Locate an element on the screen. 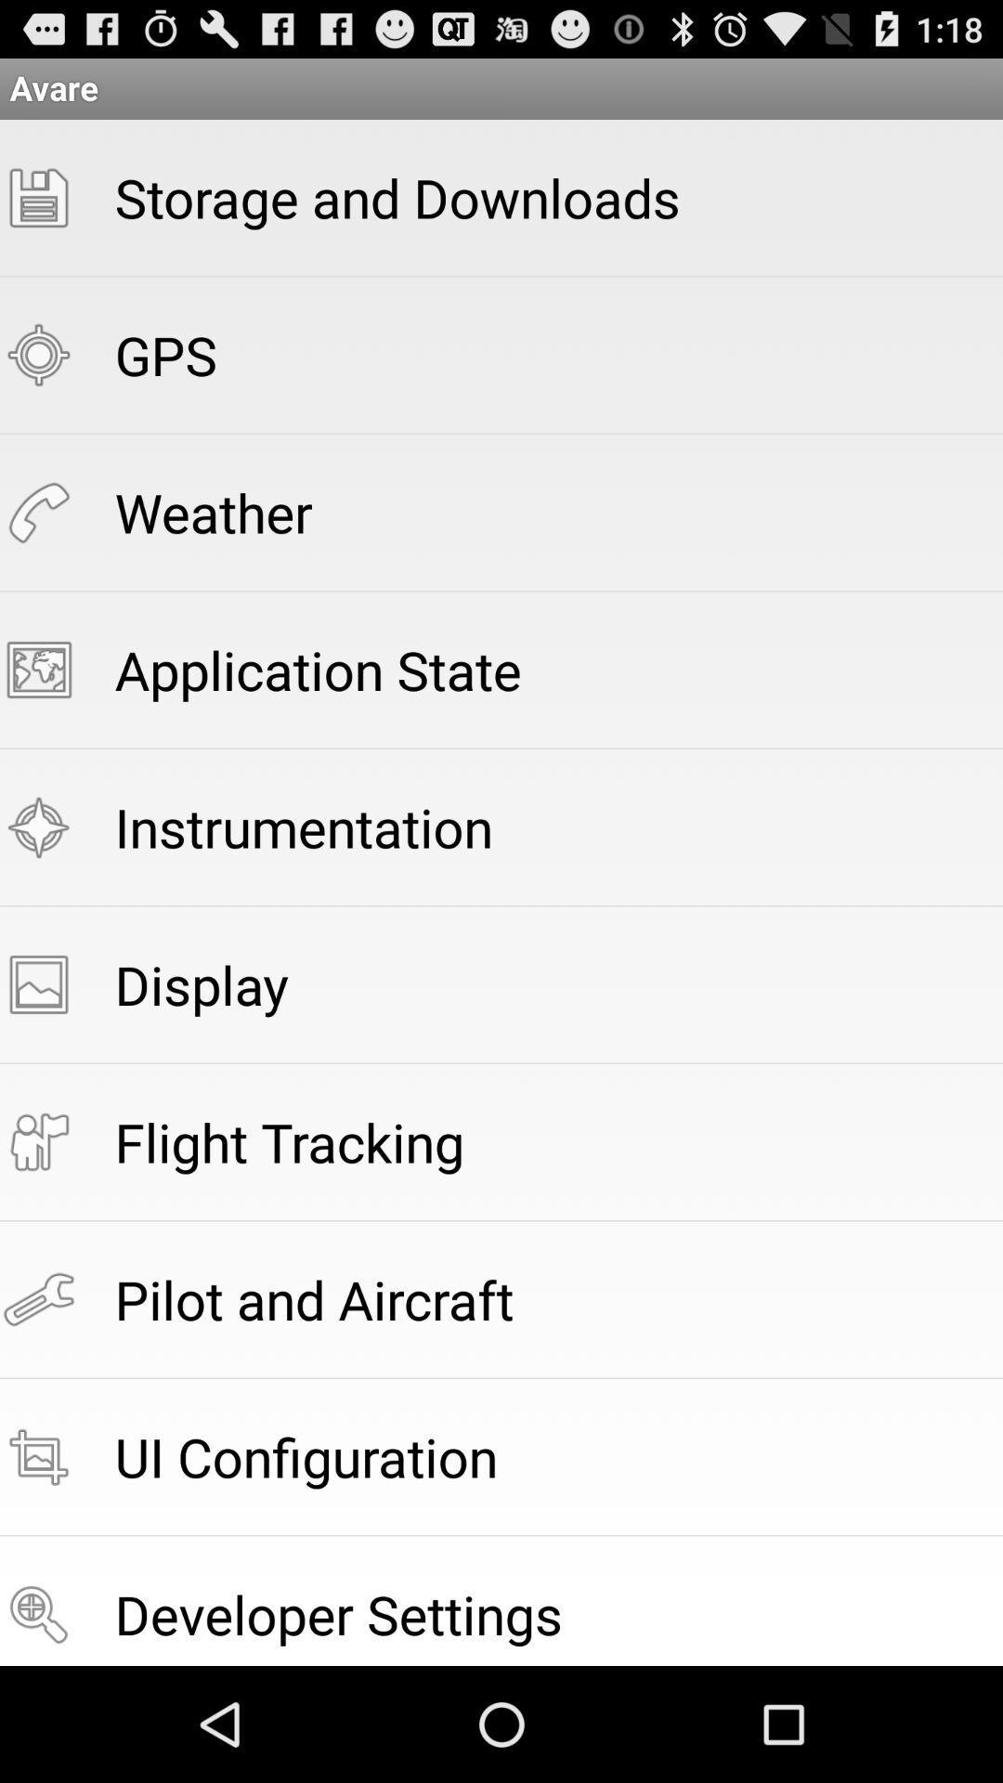 Image resolution: width=1003 pixels, height=1783 pixels. app below the weather icon is located at coordinates (317, 669).